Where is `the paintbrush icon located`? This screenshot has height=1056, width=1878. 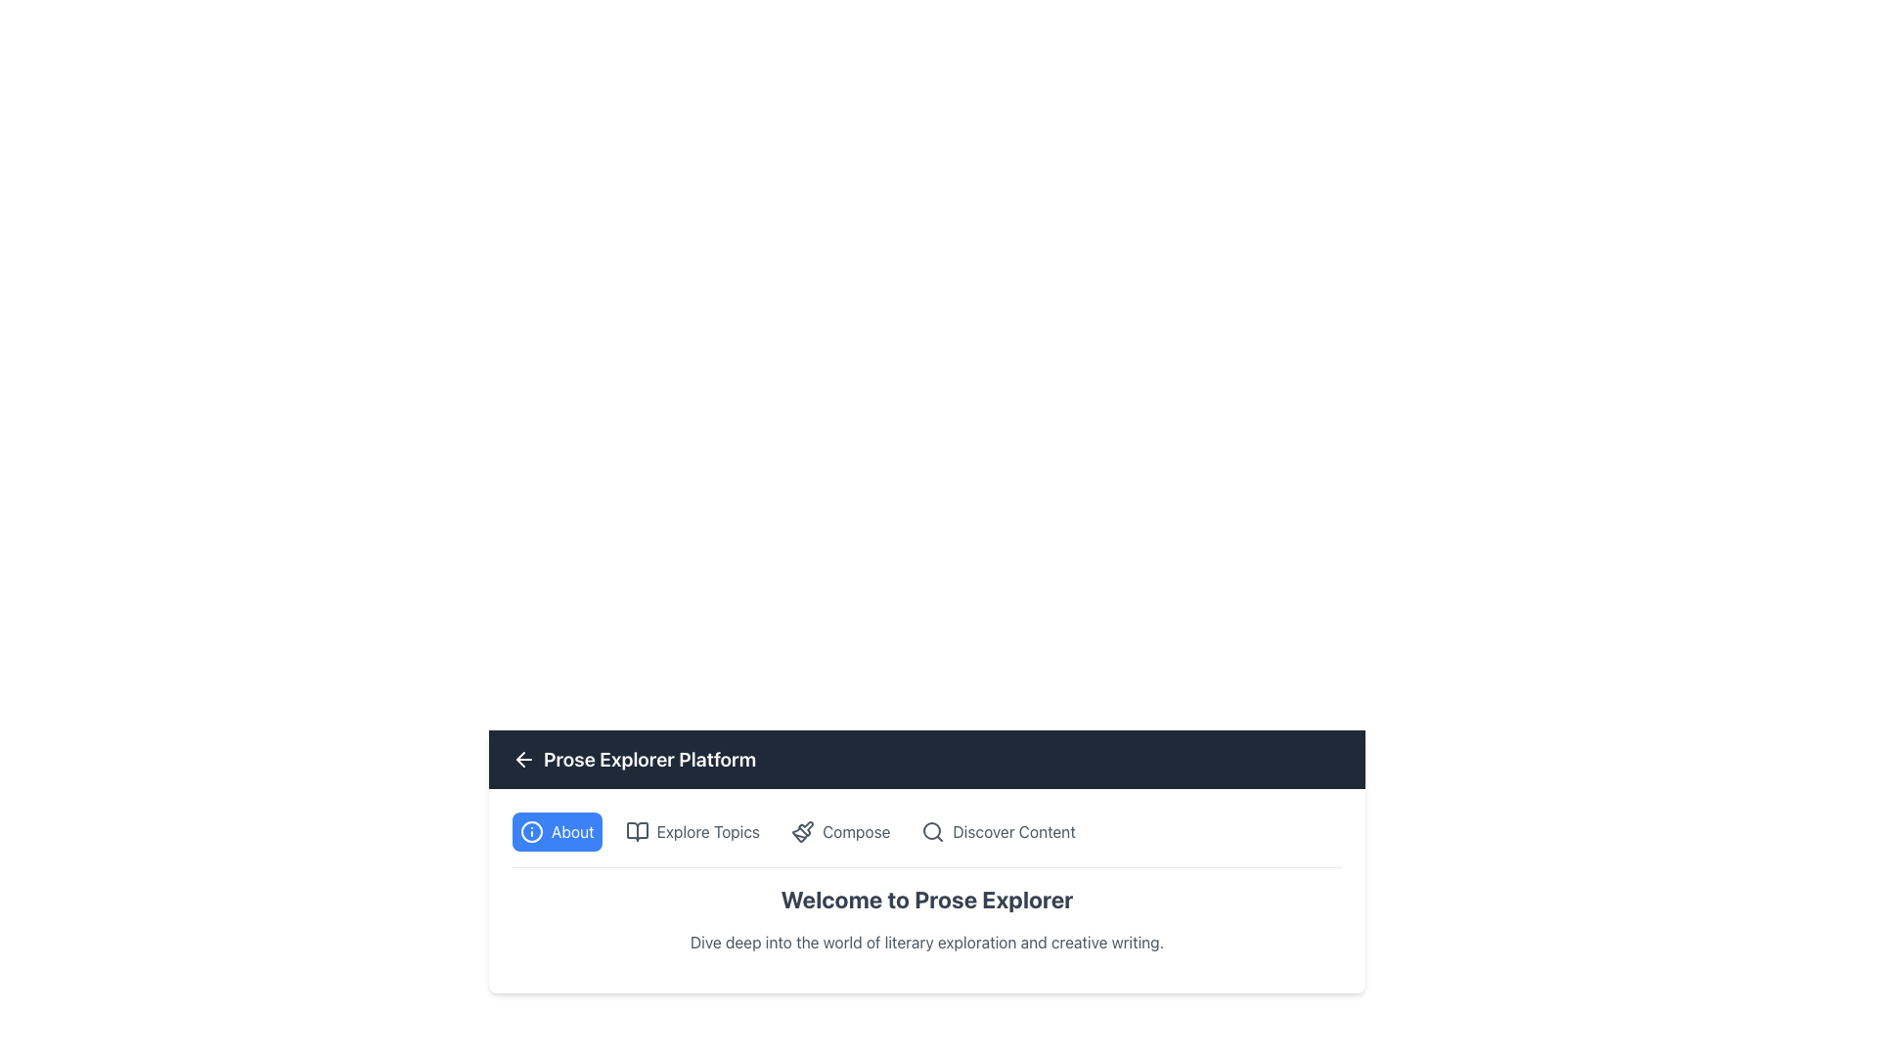 the paintbrush icon located is located at coordinates (806, 828).